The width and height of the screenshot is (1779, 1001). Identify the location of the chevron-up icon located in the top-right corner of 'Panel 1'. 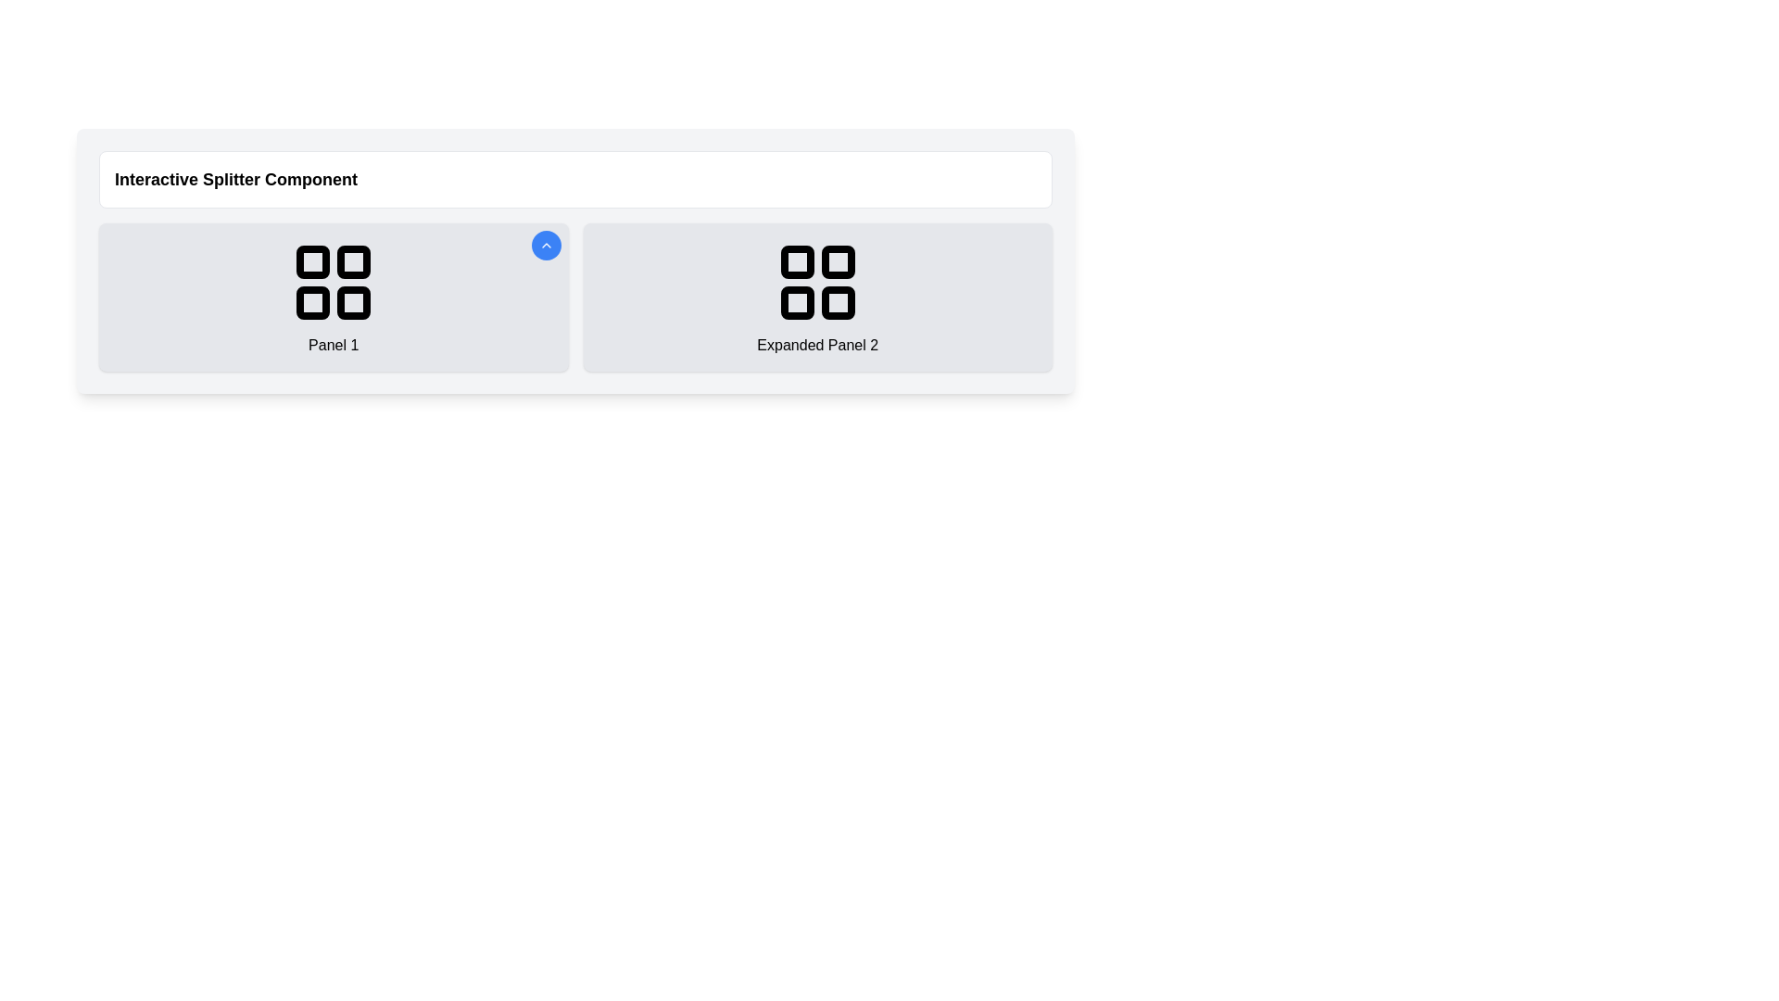
(545, 245).